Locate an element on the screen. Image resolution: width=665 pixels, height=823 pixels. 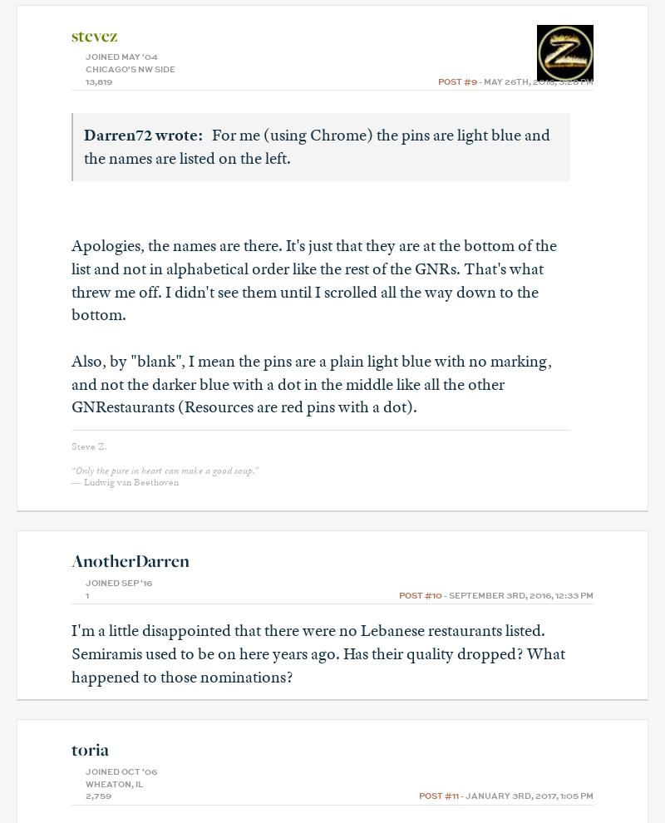
'Wheaton, IL' is located at coordinates (114, 783).